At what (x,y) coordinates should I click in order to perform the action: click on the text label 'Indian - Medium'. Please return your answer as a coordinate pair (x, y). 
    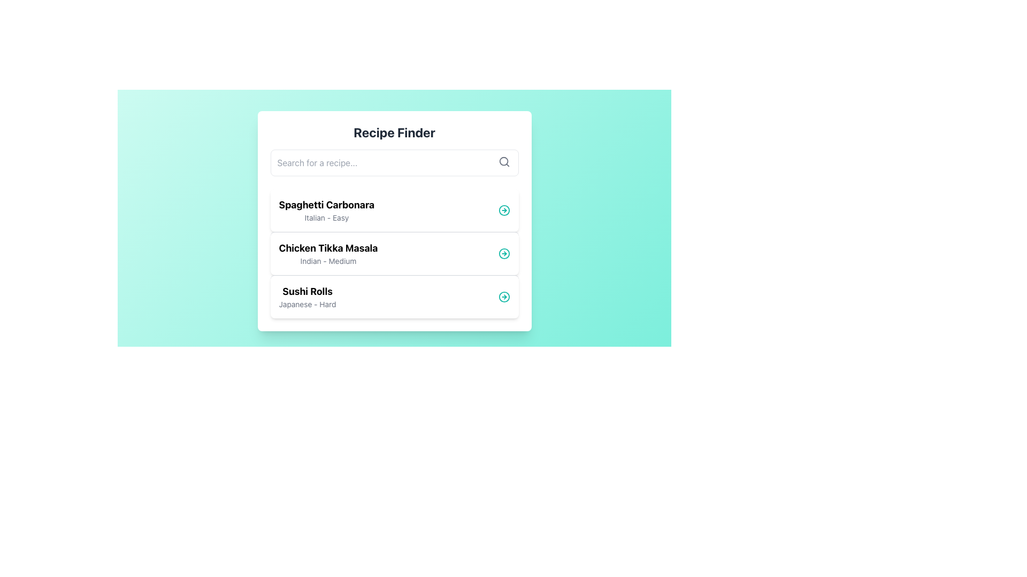
    Looking at the image, I should click on (328, 261).